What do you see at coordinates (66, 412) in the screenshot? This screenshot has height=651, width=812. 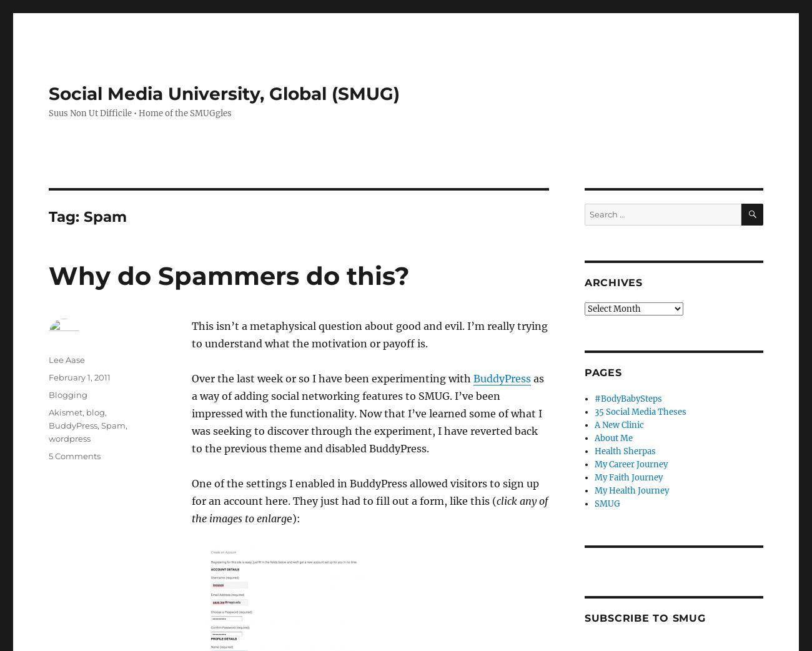 I see `'Akismet'` at bounding box center [66, 412].